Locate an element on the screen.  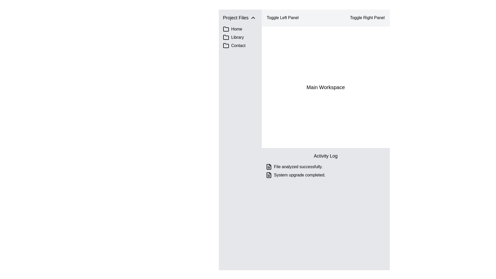
the button that toggles the visibility of the right-side panel, located at the top-right corner of the interface is located at coordinates (367, 18).